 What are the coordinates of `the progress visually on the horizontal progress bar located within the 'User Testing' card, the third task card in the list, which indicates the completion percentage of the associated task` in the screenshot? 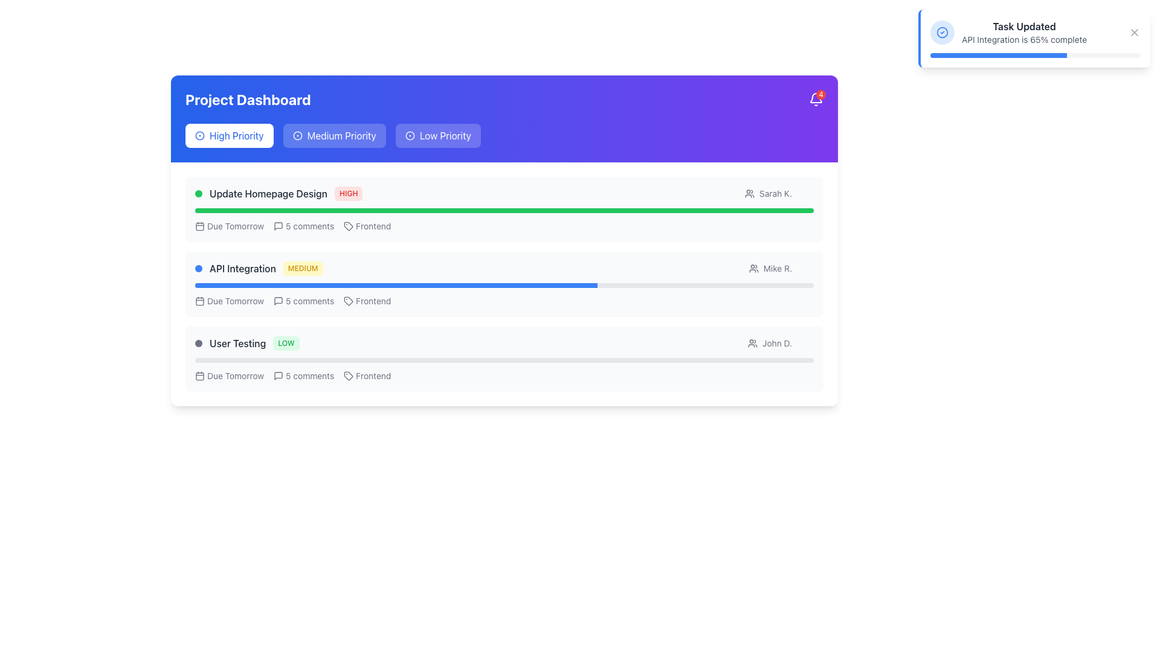 It's located at (504, 360).